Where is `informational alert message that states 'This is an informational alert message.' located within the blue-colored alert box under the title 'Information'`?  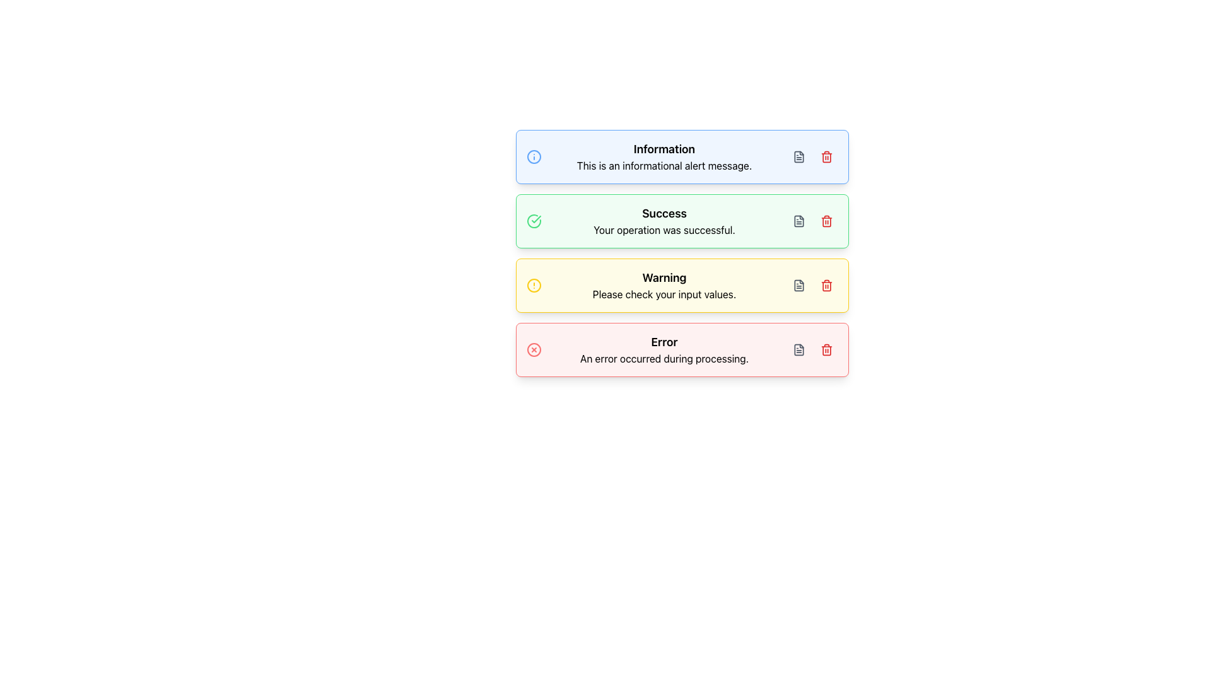
informational alert message that states 'This is an informational alert message.' located within the blue-colored alert box under the title 'Information' is located at coordinates (664, 165).